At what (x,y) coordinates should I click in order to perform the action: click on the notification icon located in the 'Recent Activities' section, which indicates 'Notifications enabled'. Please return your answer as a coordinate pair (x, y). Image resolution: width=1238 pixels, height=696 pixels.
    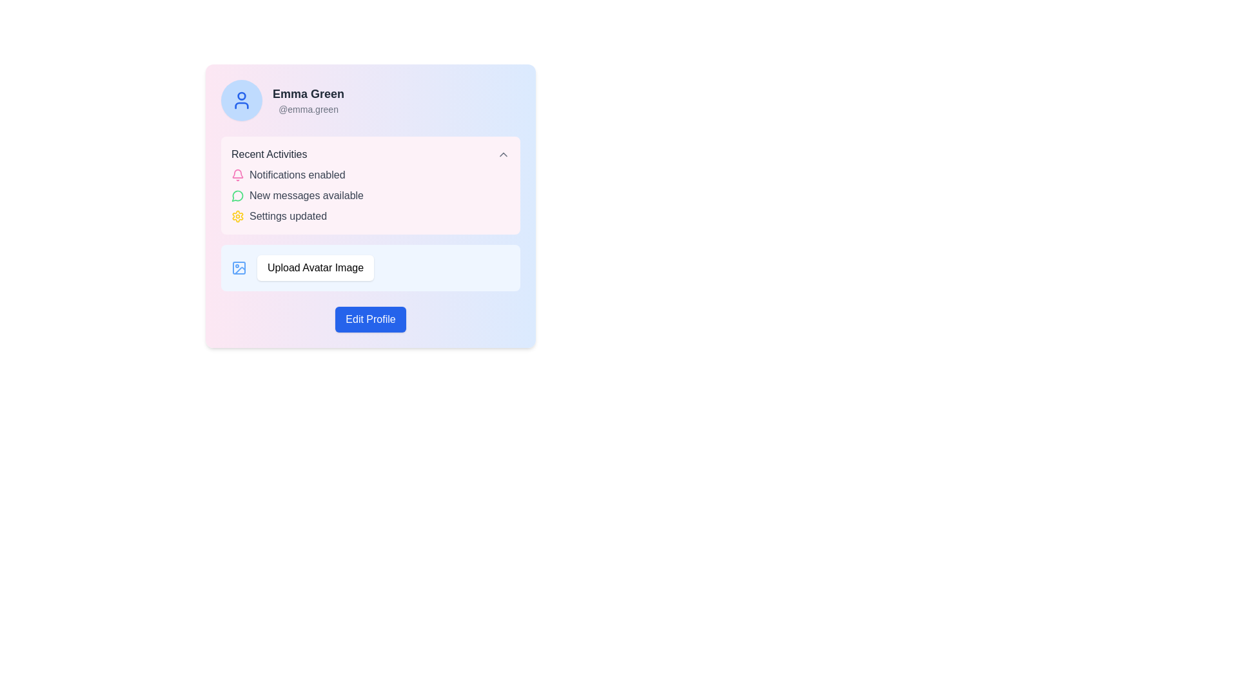
    Looking at the image, I should click on (238, 175).